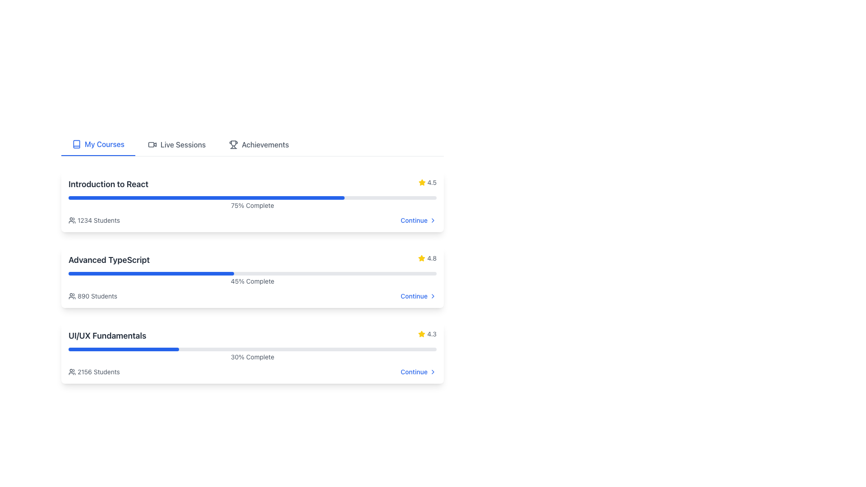  Describe the element at coordinates (93, 296) in the screenshot. I see `the informational text displaying '890 Students' with the accompanying icon representing a group of people, located in the bottom-left part of the 'Advanced TypeScript' section, directly beneath the progress bar` at that location.